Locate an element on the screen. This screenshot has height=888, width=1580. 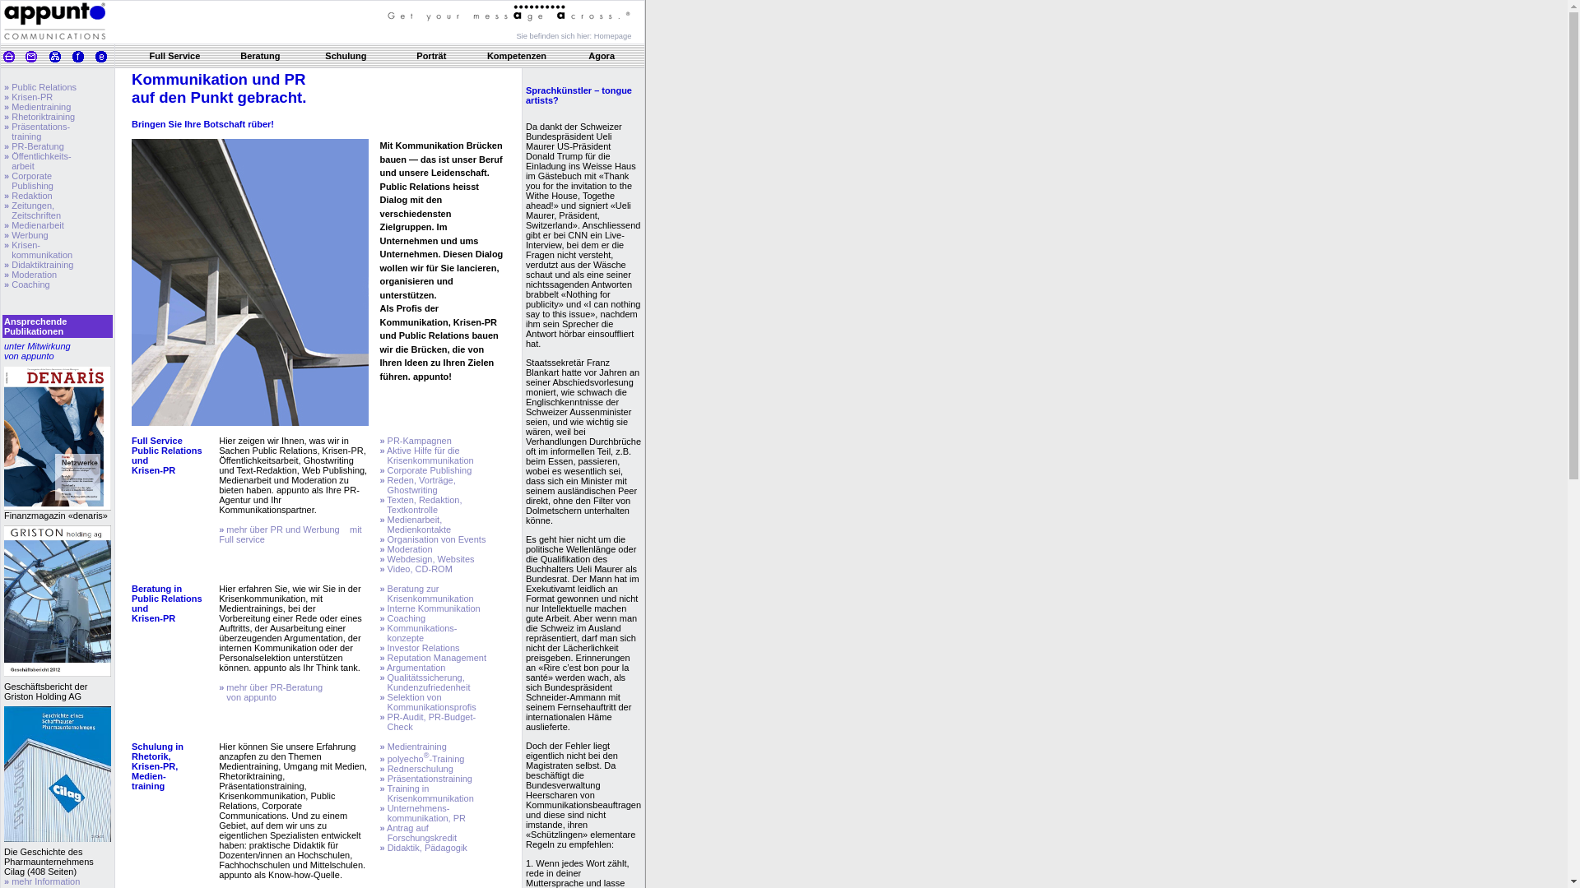
'Antrag auf    Forschungskredit' is located at coordinates (418, 833).